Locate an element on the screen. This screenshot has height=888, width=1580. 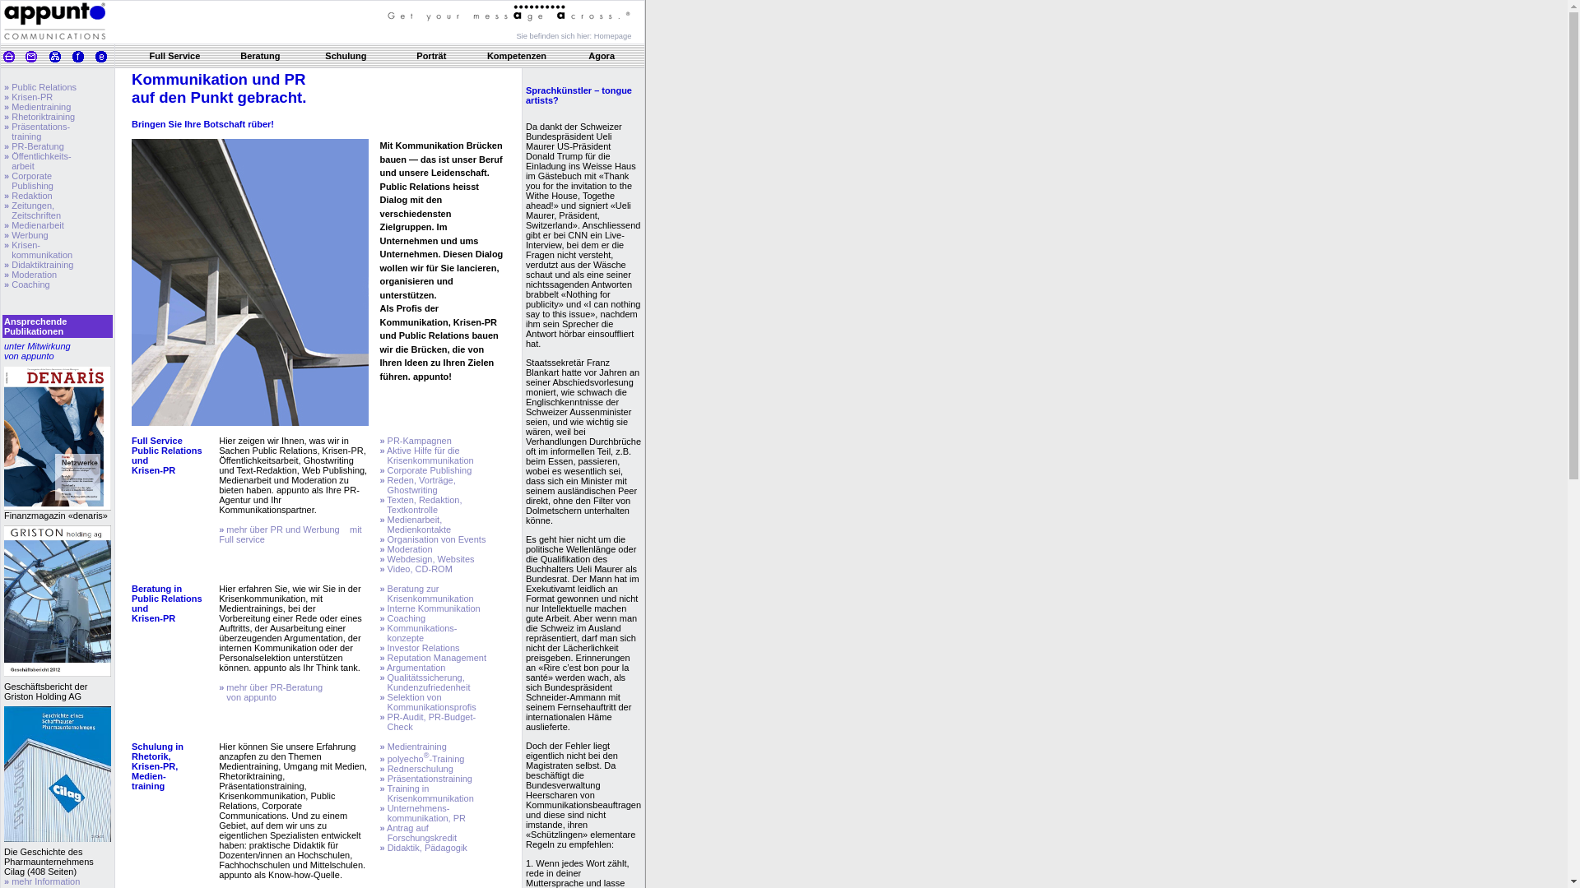
'Antrag auf    Forschungskredit' is located at coordinates (418, 833).